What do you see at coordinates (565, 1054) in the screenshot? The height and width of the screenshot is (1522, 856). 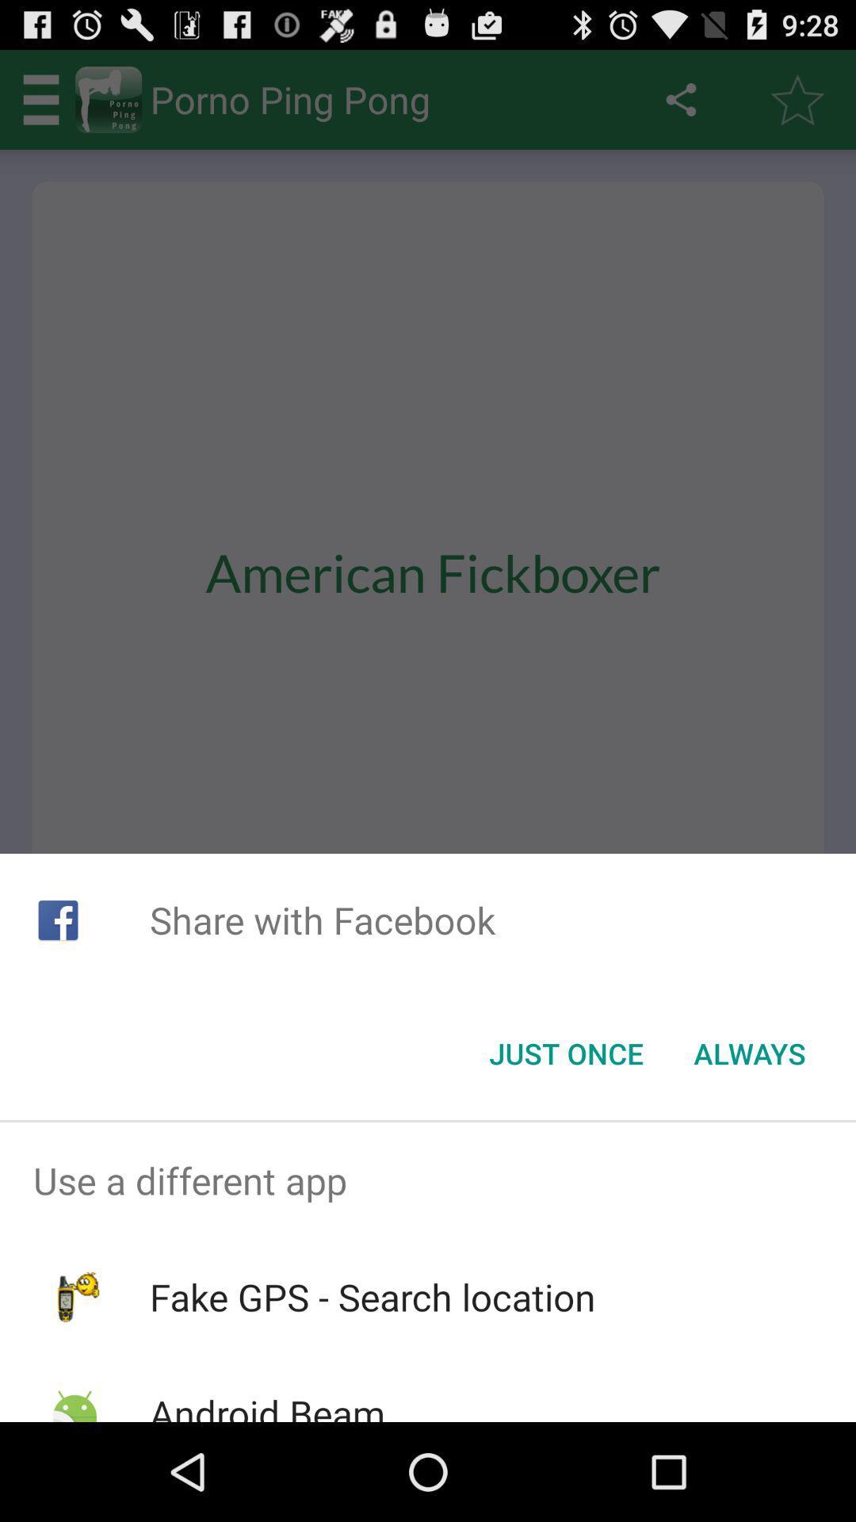 I see `the just once item` at bounding box center [565, 1054].